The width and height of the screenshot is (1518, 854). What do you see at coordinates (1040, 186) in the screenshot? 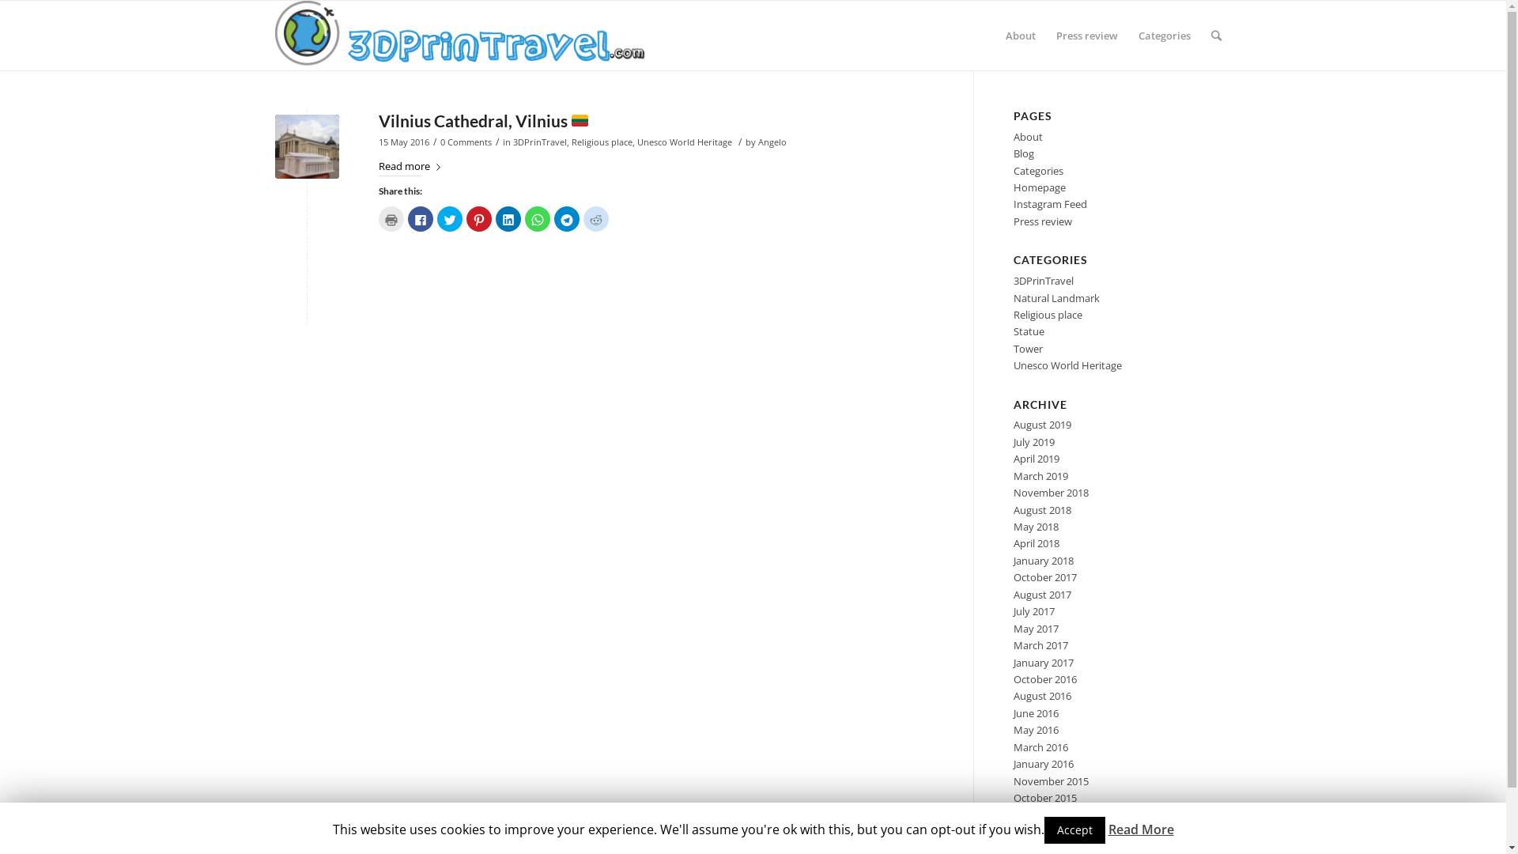
I see `'Homepage'` at bounding box center [1040, 186].